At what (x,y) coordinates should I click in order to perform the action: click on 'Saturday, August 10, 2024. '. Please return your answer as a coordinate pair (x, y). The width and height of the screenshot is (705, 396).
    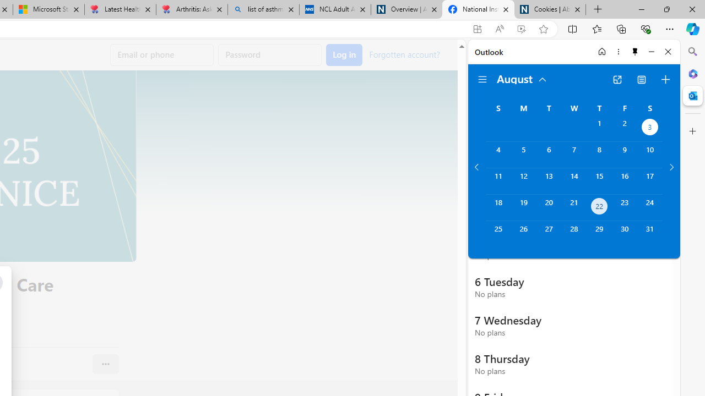
    Looking at the image, I should click on (650, 155).